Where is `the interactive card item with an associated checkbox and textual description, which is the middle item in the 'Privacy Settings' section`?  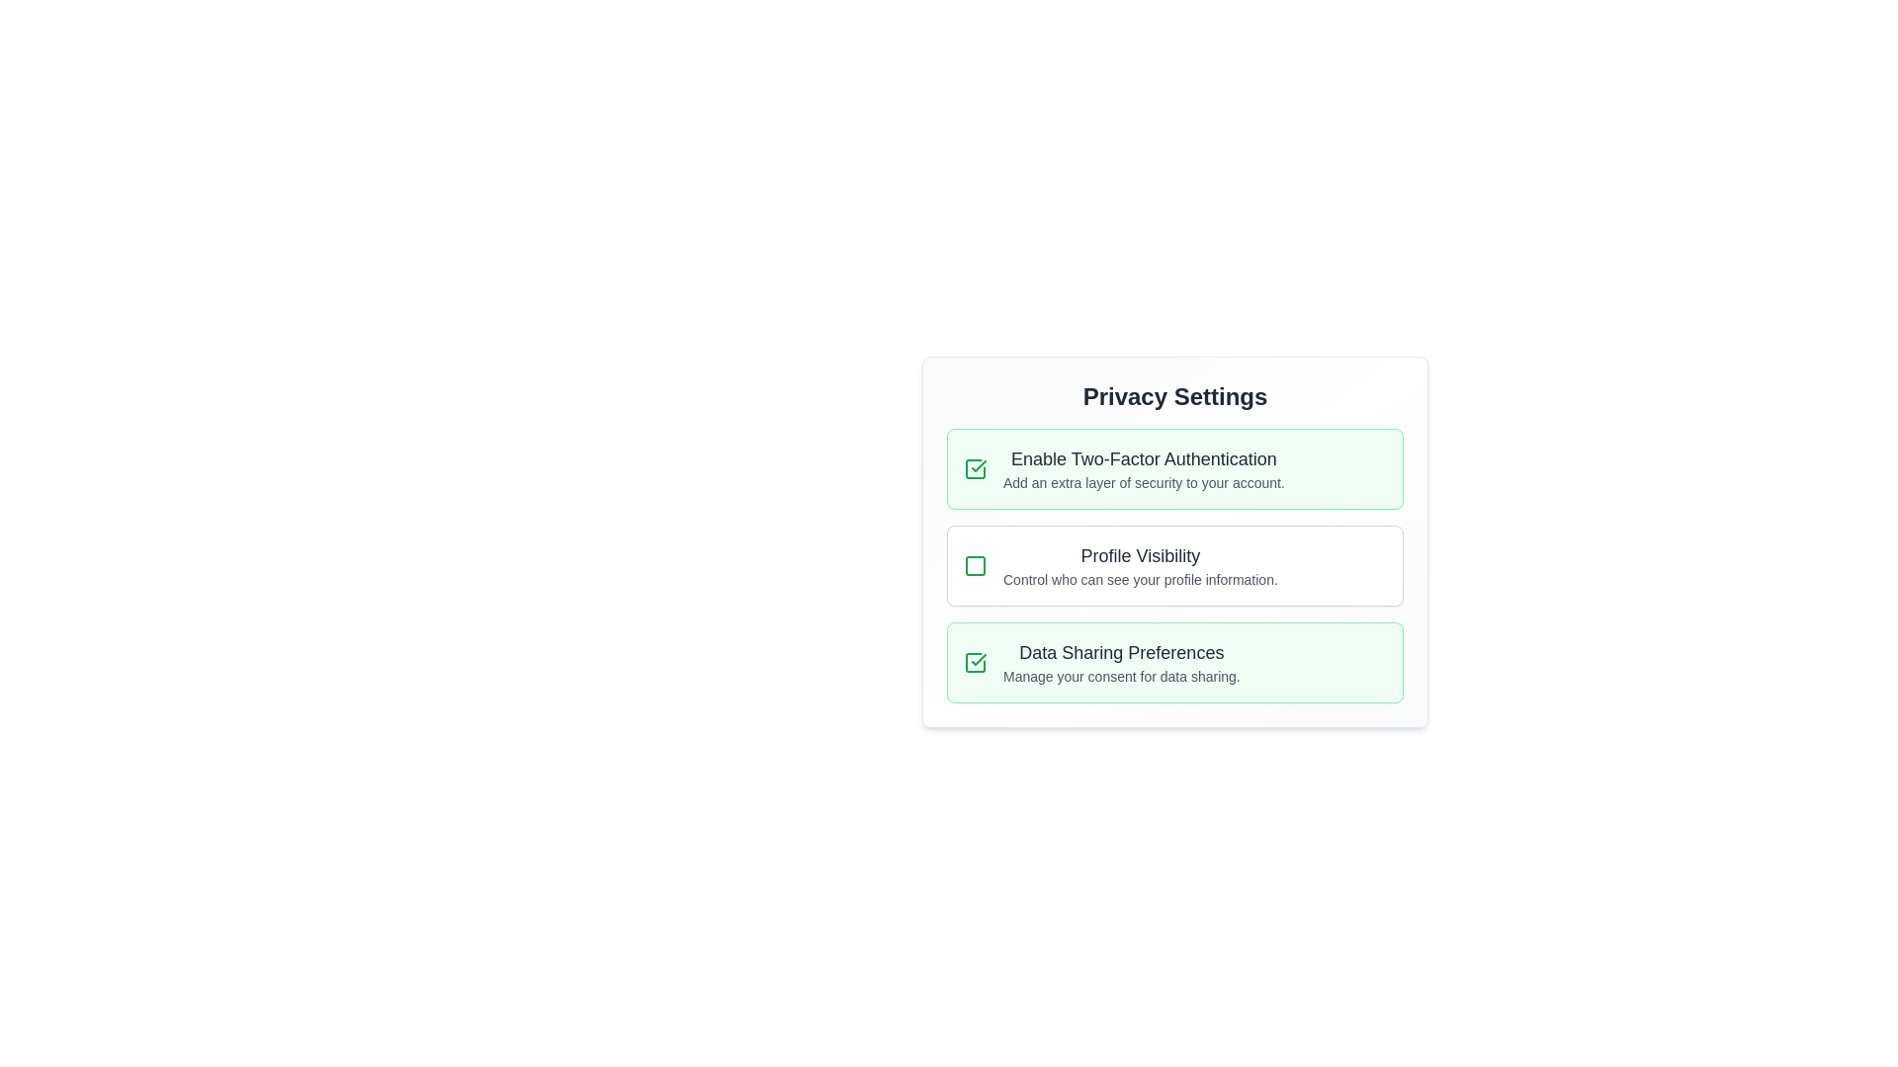
the interactive card item with an associated checkbox and textual description, which is the middle item in the 'Privacy Settings' section is located at coordinates (1175, 566).